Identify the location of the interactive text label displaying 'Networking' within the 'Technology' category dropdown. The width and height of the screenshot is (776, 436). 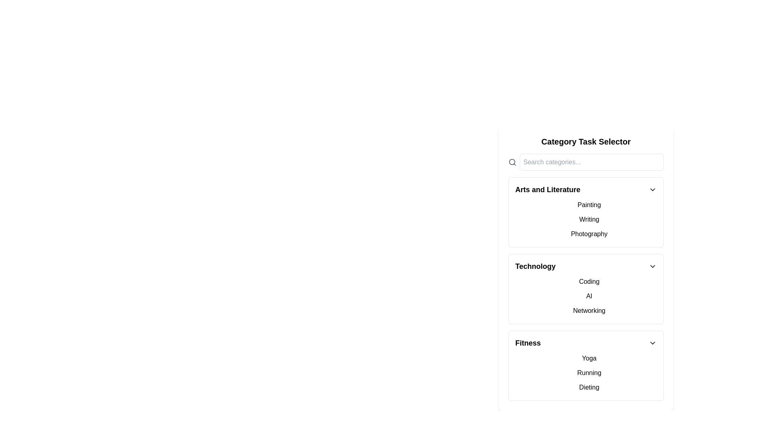
(589, 310).